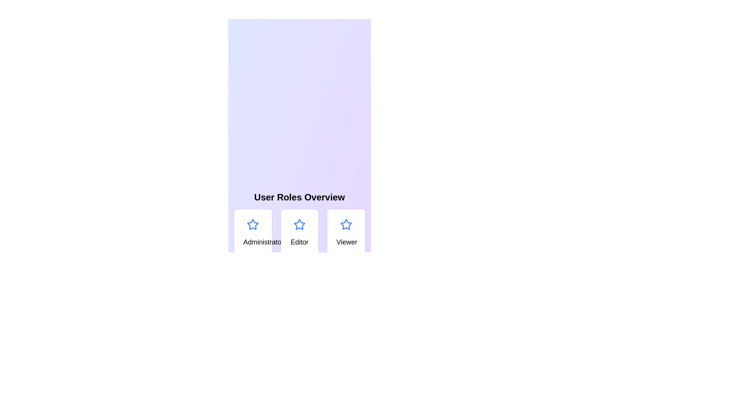  Describe the element at coordinates (346, 232) in the screenshot. I see `the 'Viewer' role category card, which is the third in a sequence of three cards labeled 'Administrator', 'Editor', and 'Viewer'` at that location.